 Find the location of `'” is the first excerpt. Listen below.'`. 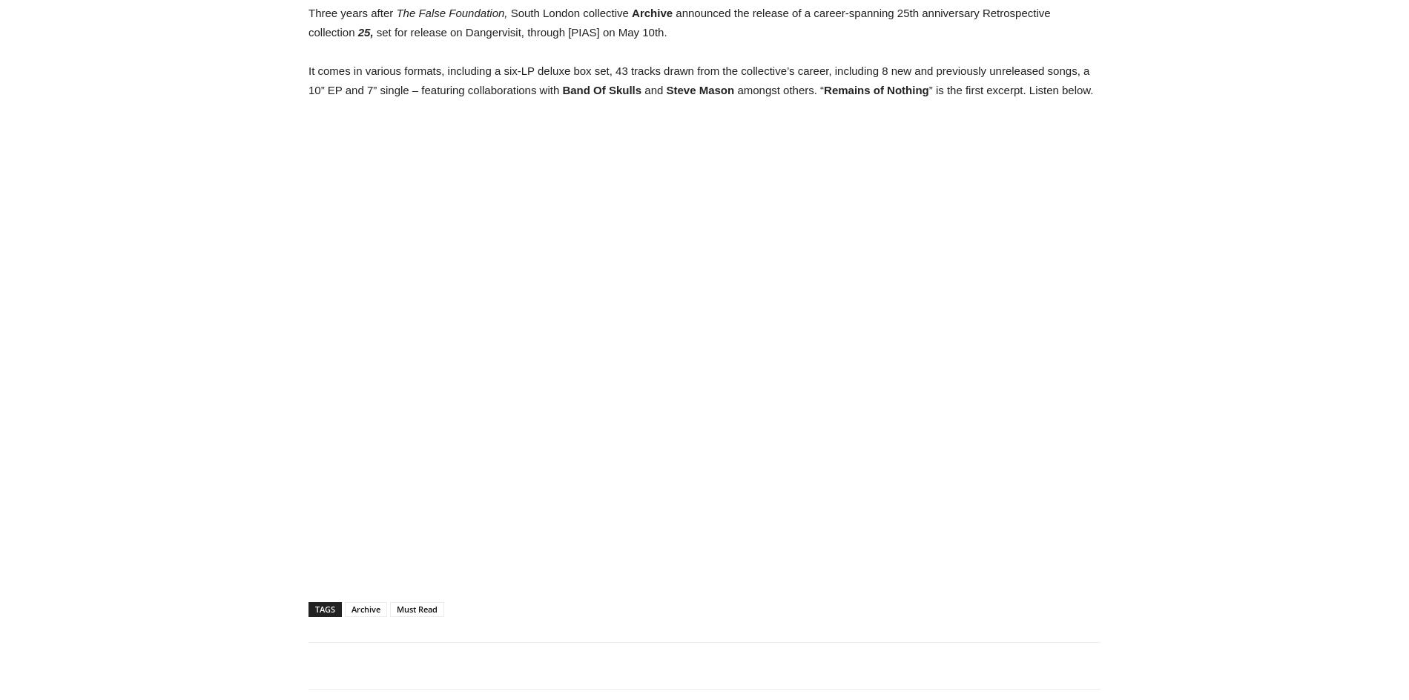

'” is the first excerpt. Listen below.' is located at coordinates (1010, 90).